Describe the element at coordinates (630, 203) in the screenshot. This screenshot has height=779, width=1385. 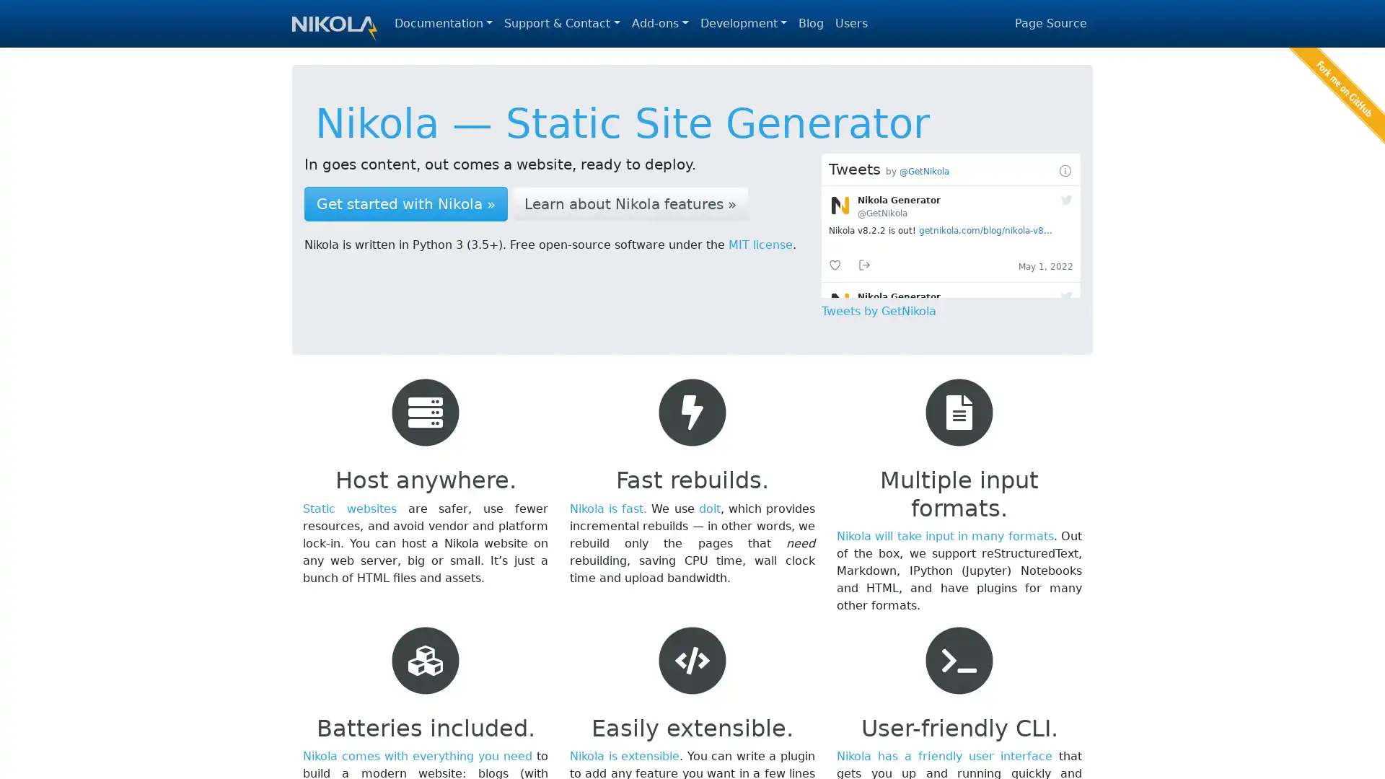
I see `Learn about Nikola features` at that location.